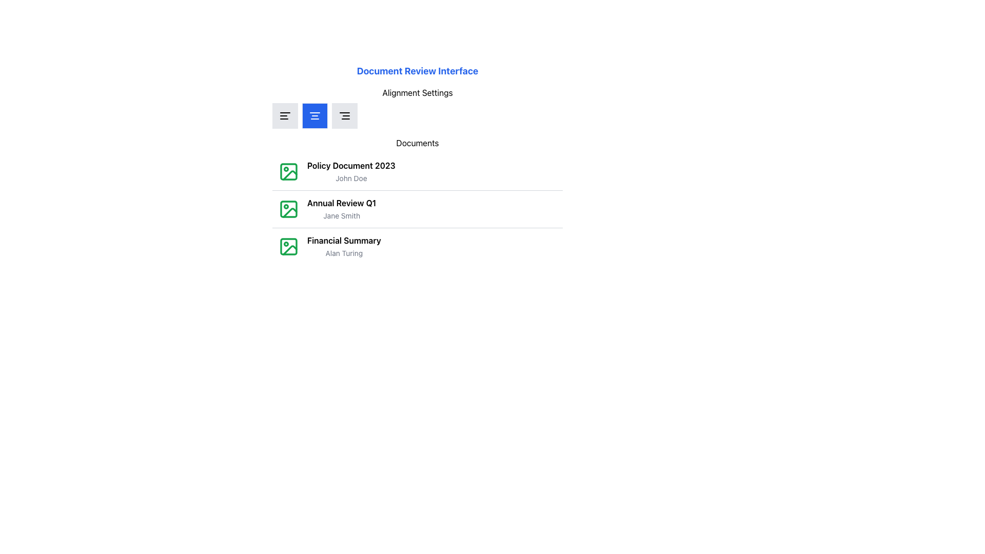 The height and width of the screenshot is (554, 985). I want to click on the left alignment button, which is a square button with a light gray background and an icon of three black horizontal lines stacked vertically, so click(285, 115).